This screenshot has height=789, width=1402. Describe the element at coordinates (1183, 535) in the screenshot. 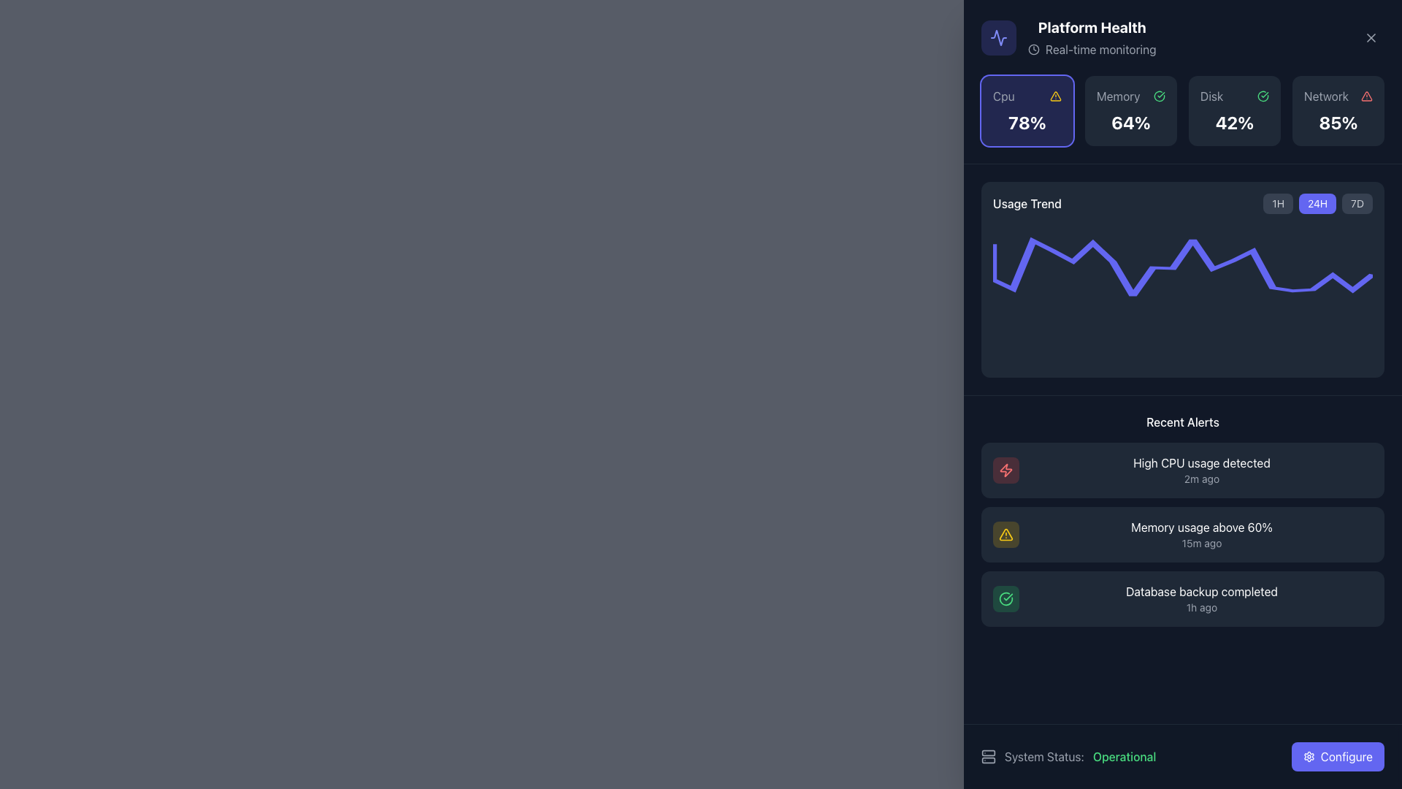

I see `the second list item in the notification feed that summarizes an alert about memory usage exceeding 60%, located in the 'Recent Alerts' section` at that location.